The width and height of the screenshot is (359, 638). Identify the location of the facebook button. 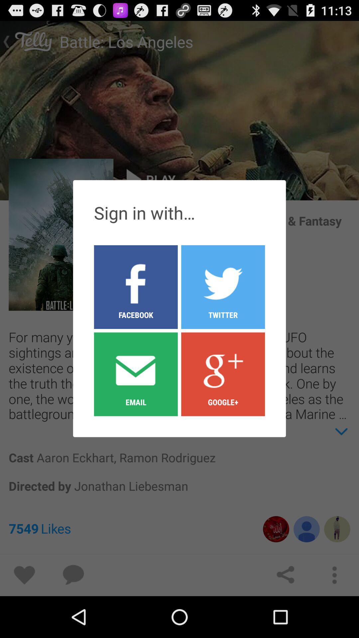
(135, 287).